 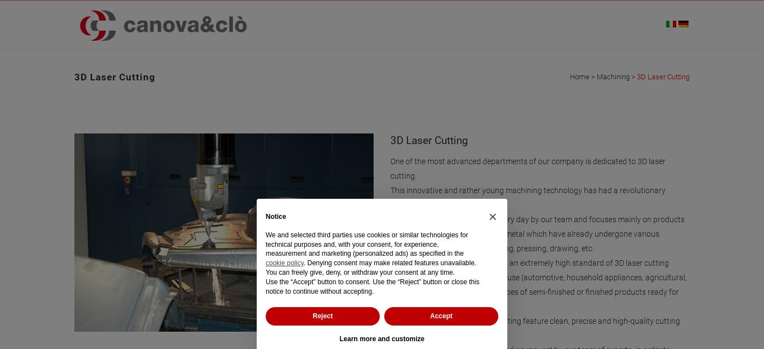 I want to click on 'Accept', so click(x=429, y=315).